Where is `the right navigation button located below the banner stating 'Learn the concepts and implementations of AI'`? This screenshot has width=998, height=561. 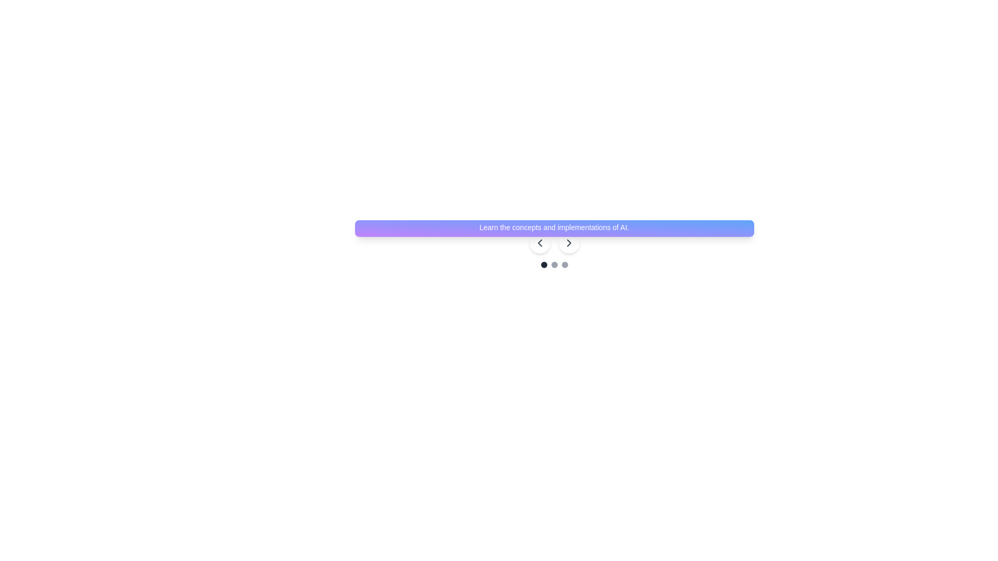 the right navigation button located below the banner stating 'Learn the concepts and implementations of AI' is located at coordinates (568, 243).